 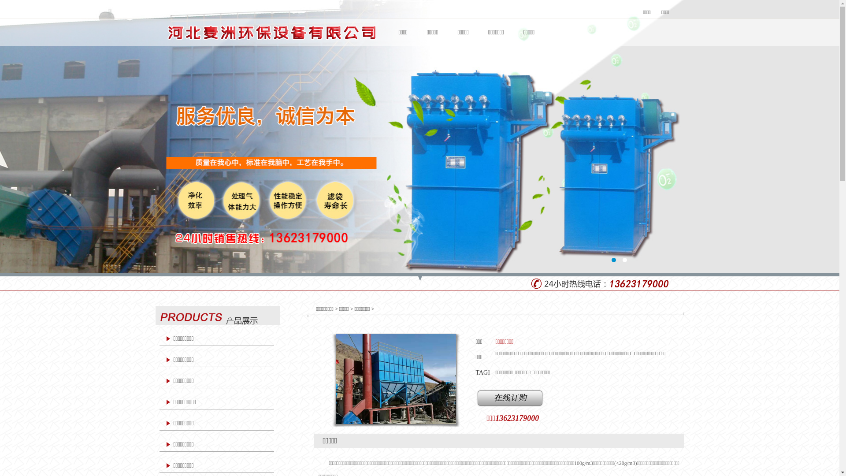 What do you see at coordinates (613, 260) in the screenshot?
I see `'1'` at bounding box center [613, 260].